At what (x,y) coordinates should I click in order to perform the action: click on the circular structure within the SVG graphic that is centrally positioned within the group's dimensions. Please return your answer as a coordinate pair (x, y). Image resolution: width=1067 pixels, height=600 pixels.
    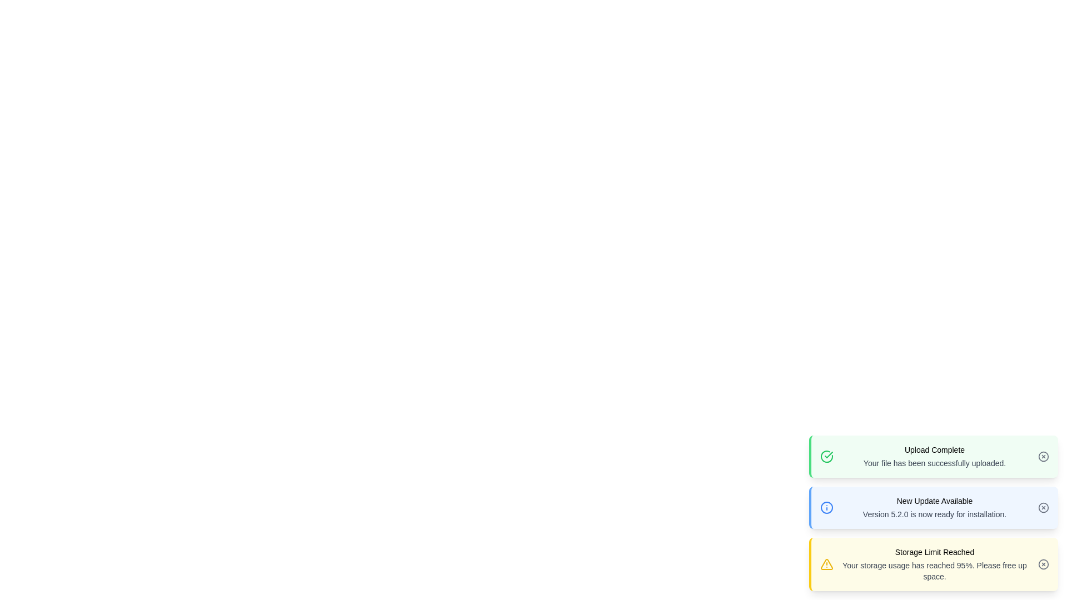
    Looking at the image, I should click on (827, 508).